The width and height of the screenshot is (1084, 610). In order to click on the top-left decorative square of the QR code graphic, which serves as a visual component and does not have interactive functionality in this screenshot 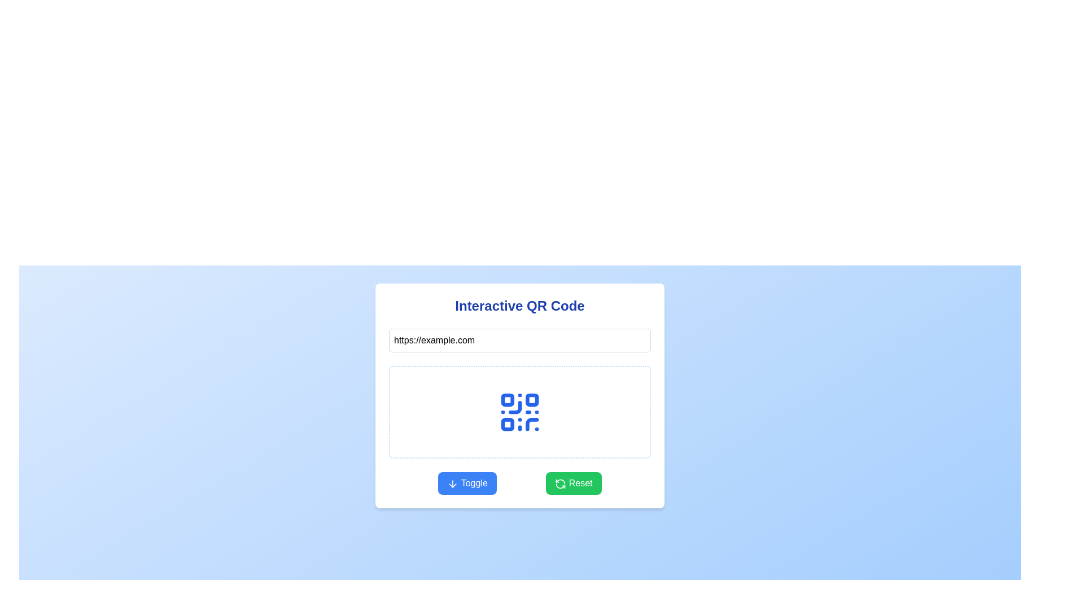, I will do `click(507, 399)`.